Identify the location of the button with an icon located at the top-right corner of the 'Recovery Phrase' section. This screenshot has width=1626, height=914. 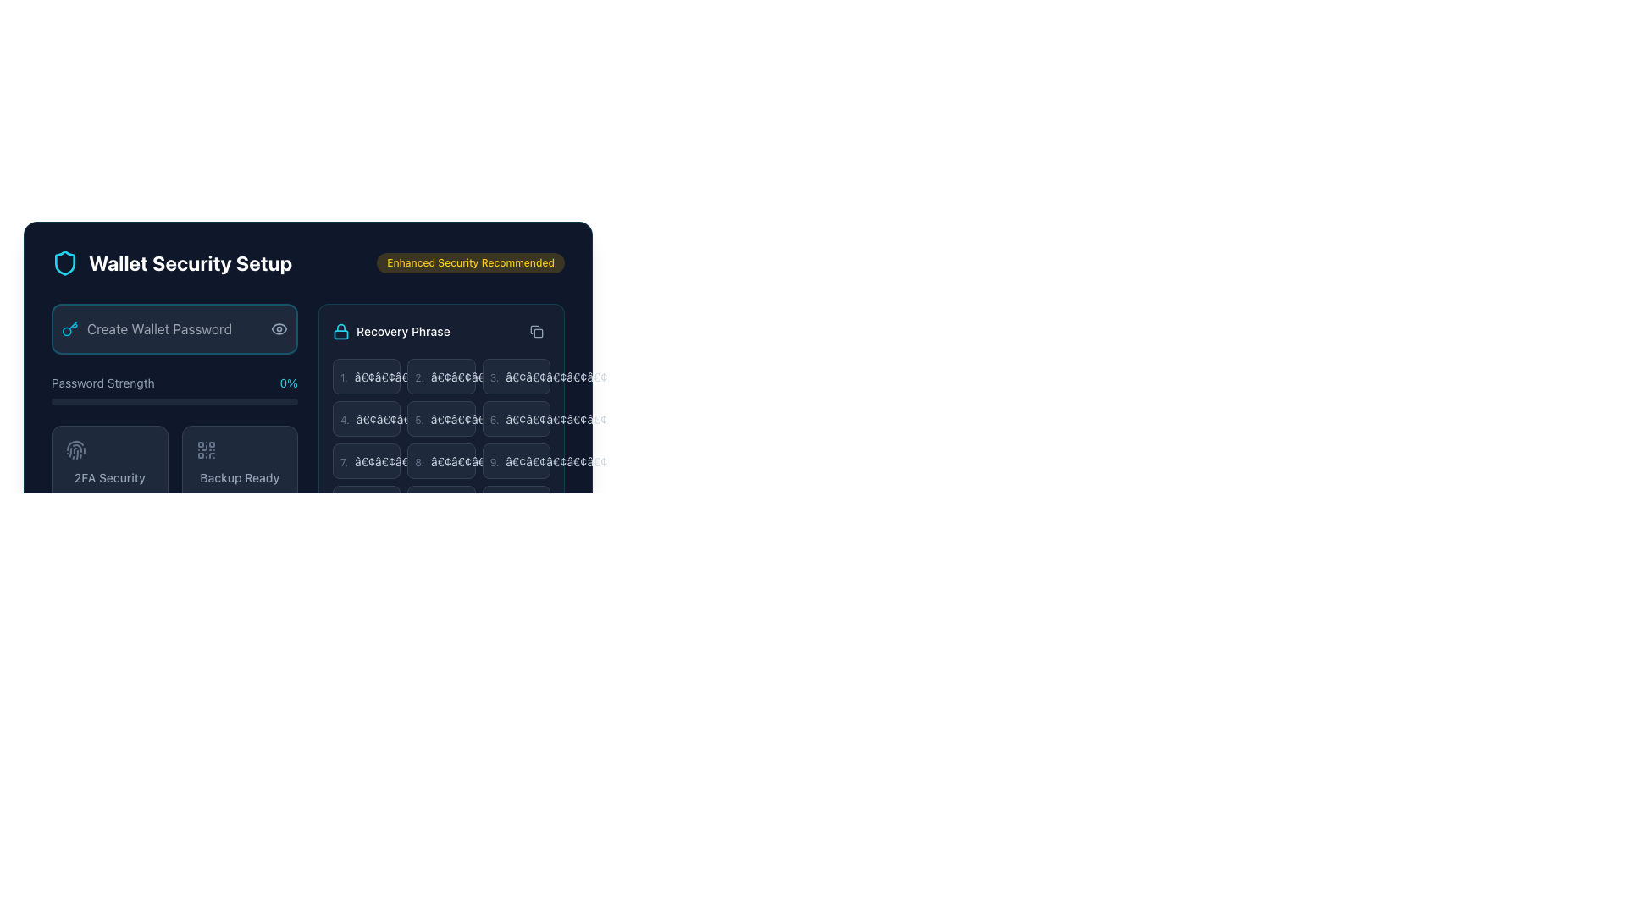
(535, 332).